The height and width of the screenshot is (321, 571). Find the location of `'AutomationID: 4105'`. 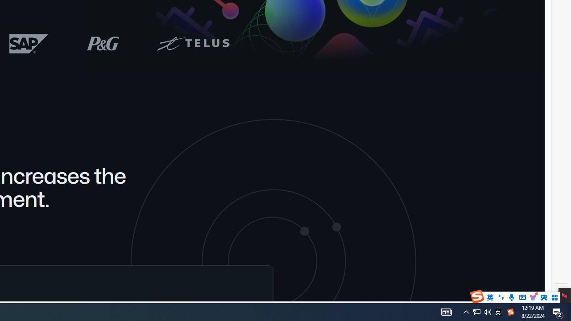

'AutomationID: 4105' is located at coordinates (466, 311).